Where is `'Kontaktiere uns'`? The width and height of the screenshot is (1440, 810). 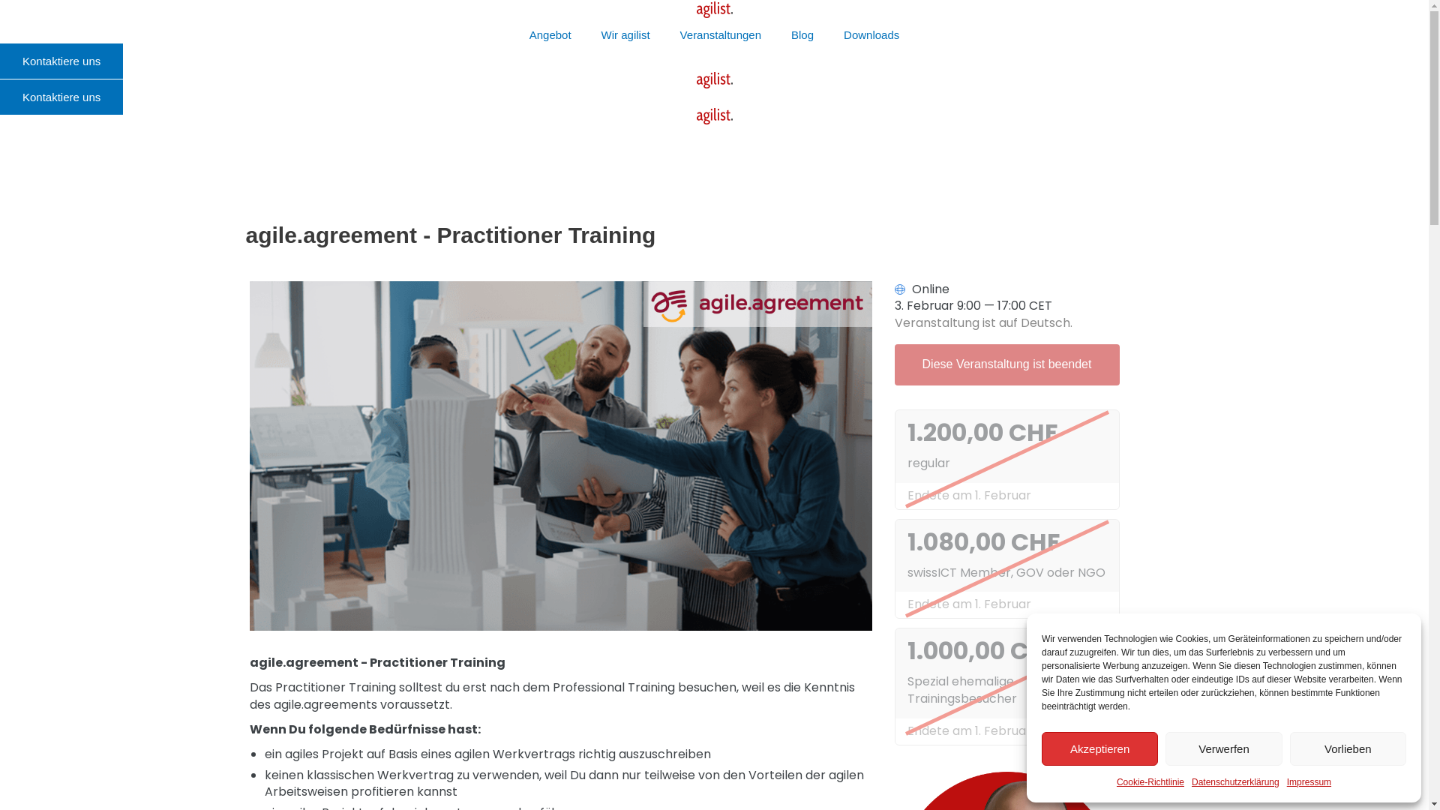 'Kontaktiere uns' is located at coordinates (60, 60).